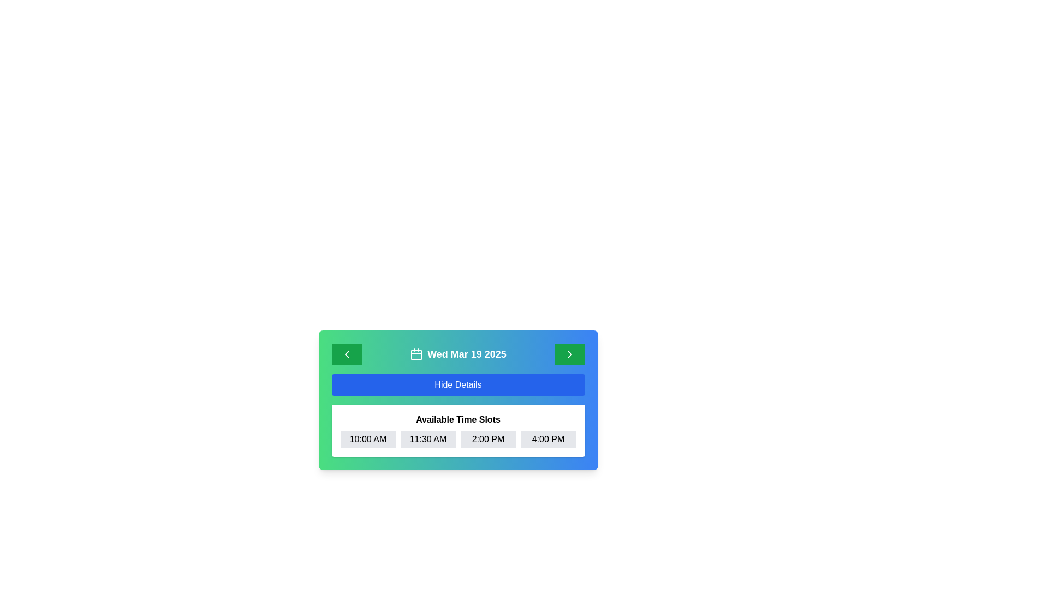 Image resolution: width=1048 pixels, height=589 pixels. I want to click on the small arrow-shaped icon that resembles a rightward chevron, located within a green circular button in the top-right corner of the interface, so click(569, 354).